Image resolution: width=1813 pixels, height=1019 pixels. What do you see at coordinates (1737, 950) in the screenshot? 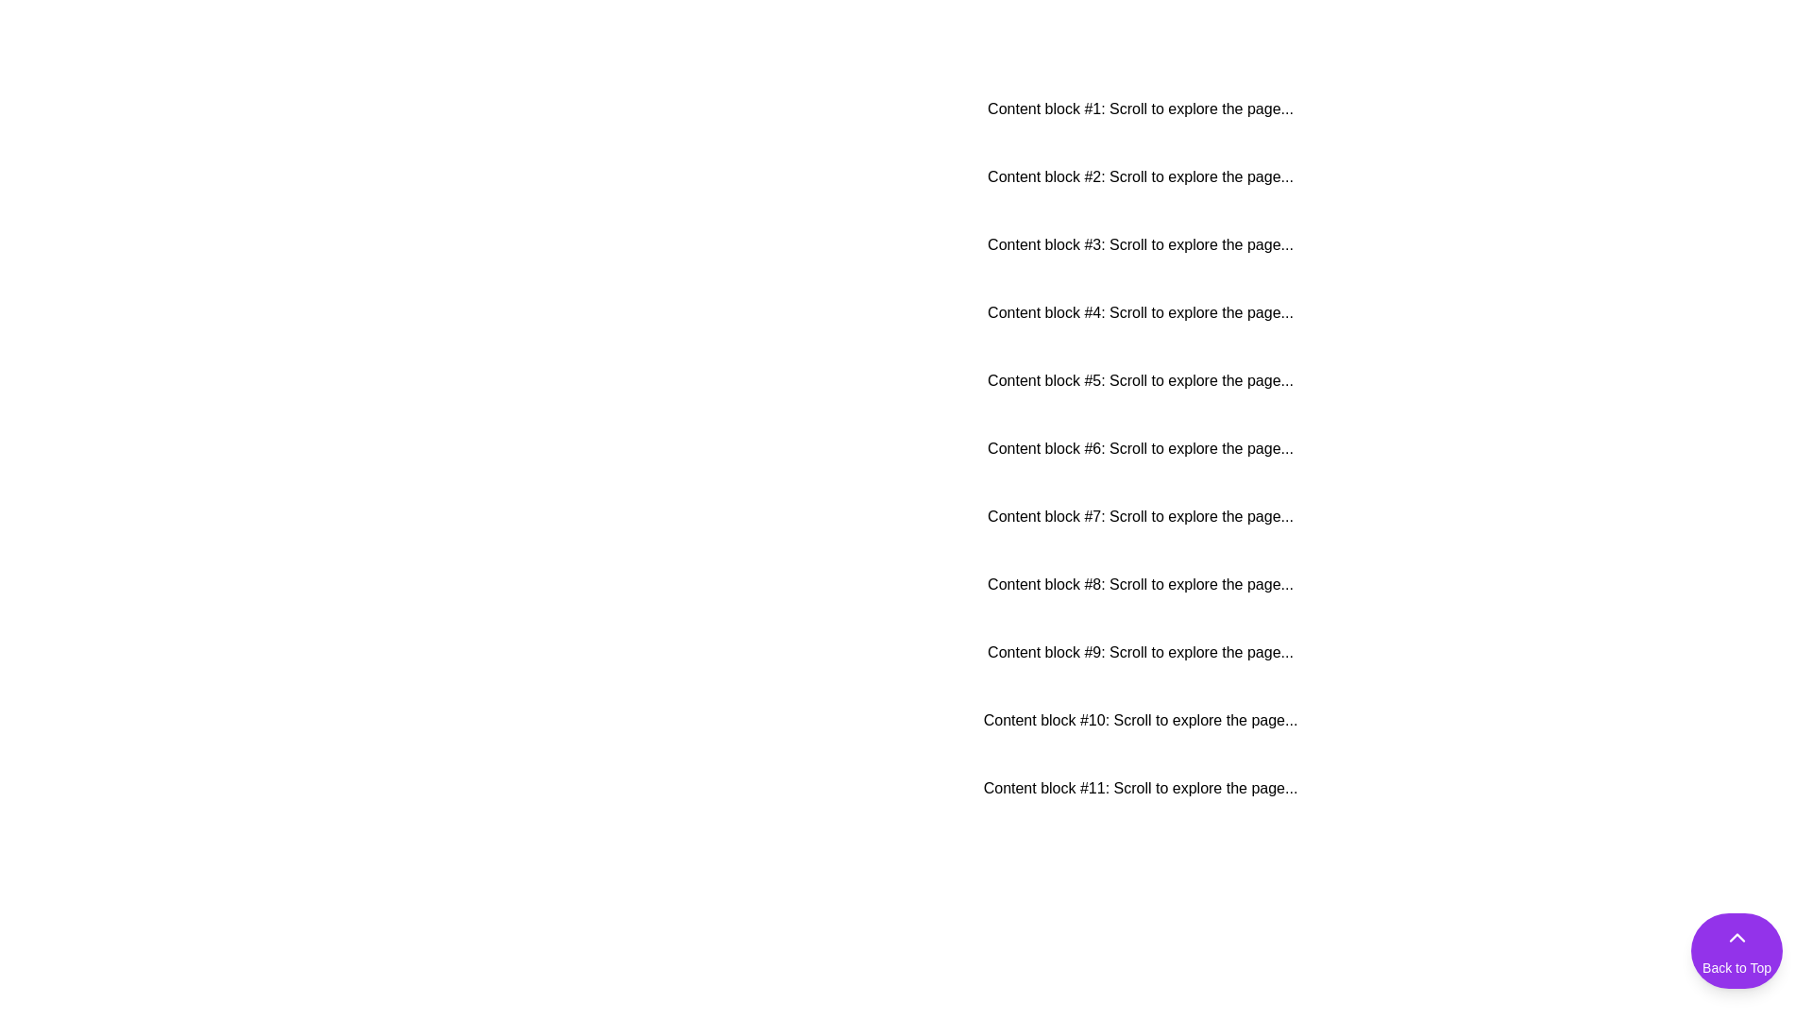
I see `the circular 'Back to Top' button with a purple background and white text, located in the bottom-right corner of the layout` at bounding box center [1737, 950].